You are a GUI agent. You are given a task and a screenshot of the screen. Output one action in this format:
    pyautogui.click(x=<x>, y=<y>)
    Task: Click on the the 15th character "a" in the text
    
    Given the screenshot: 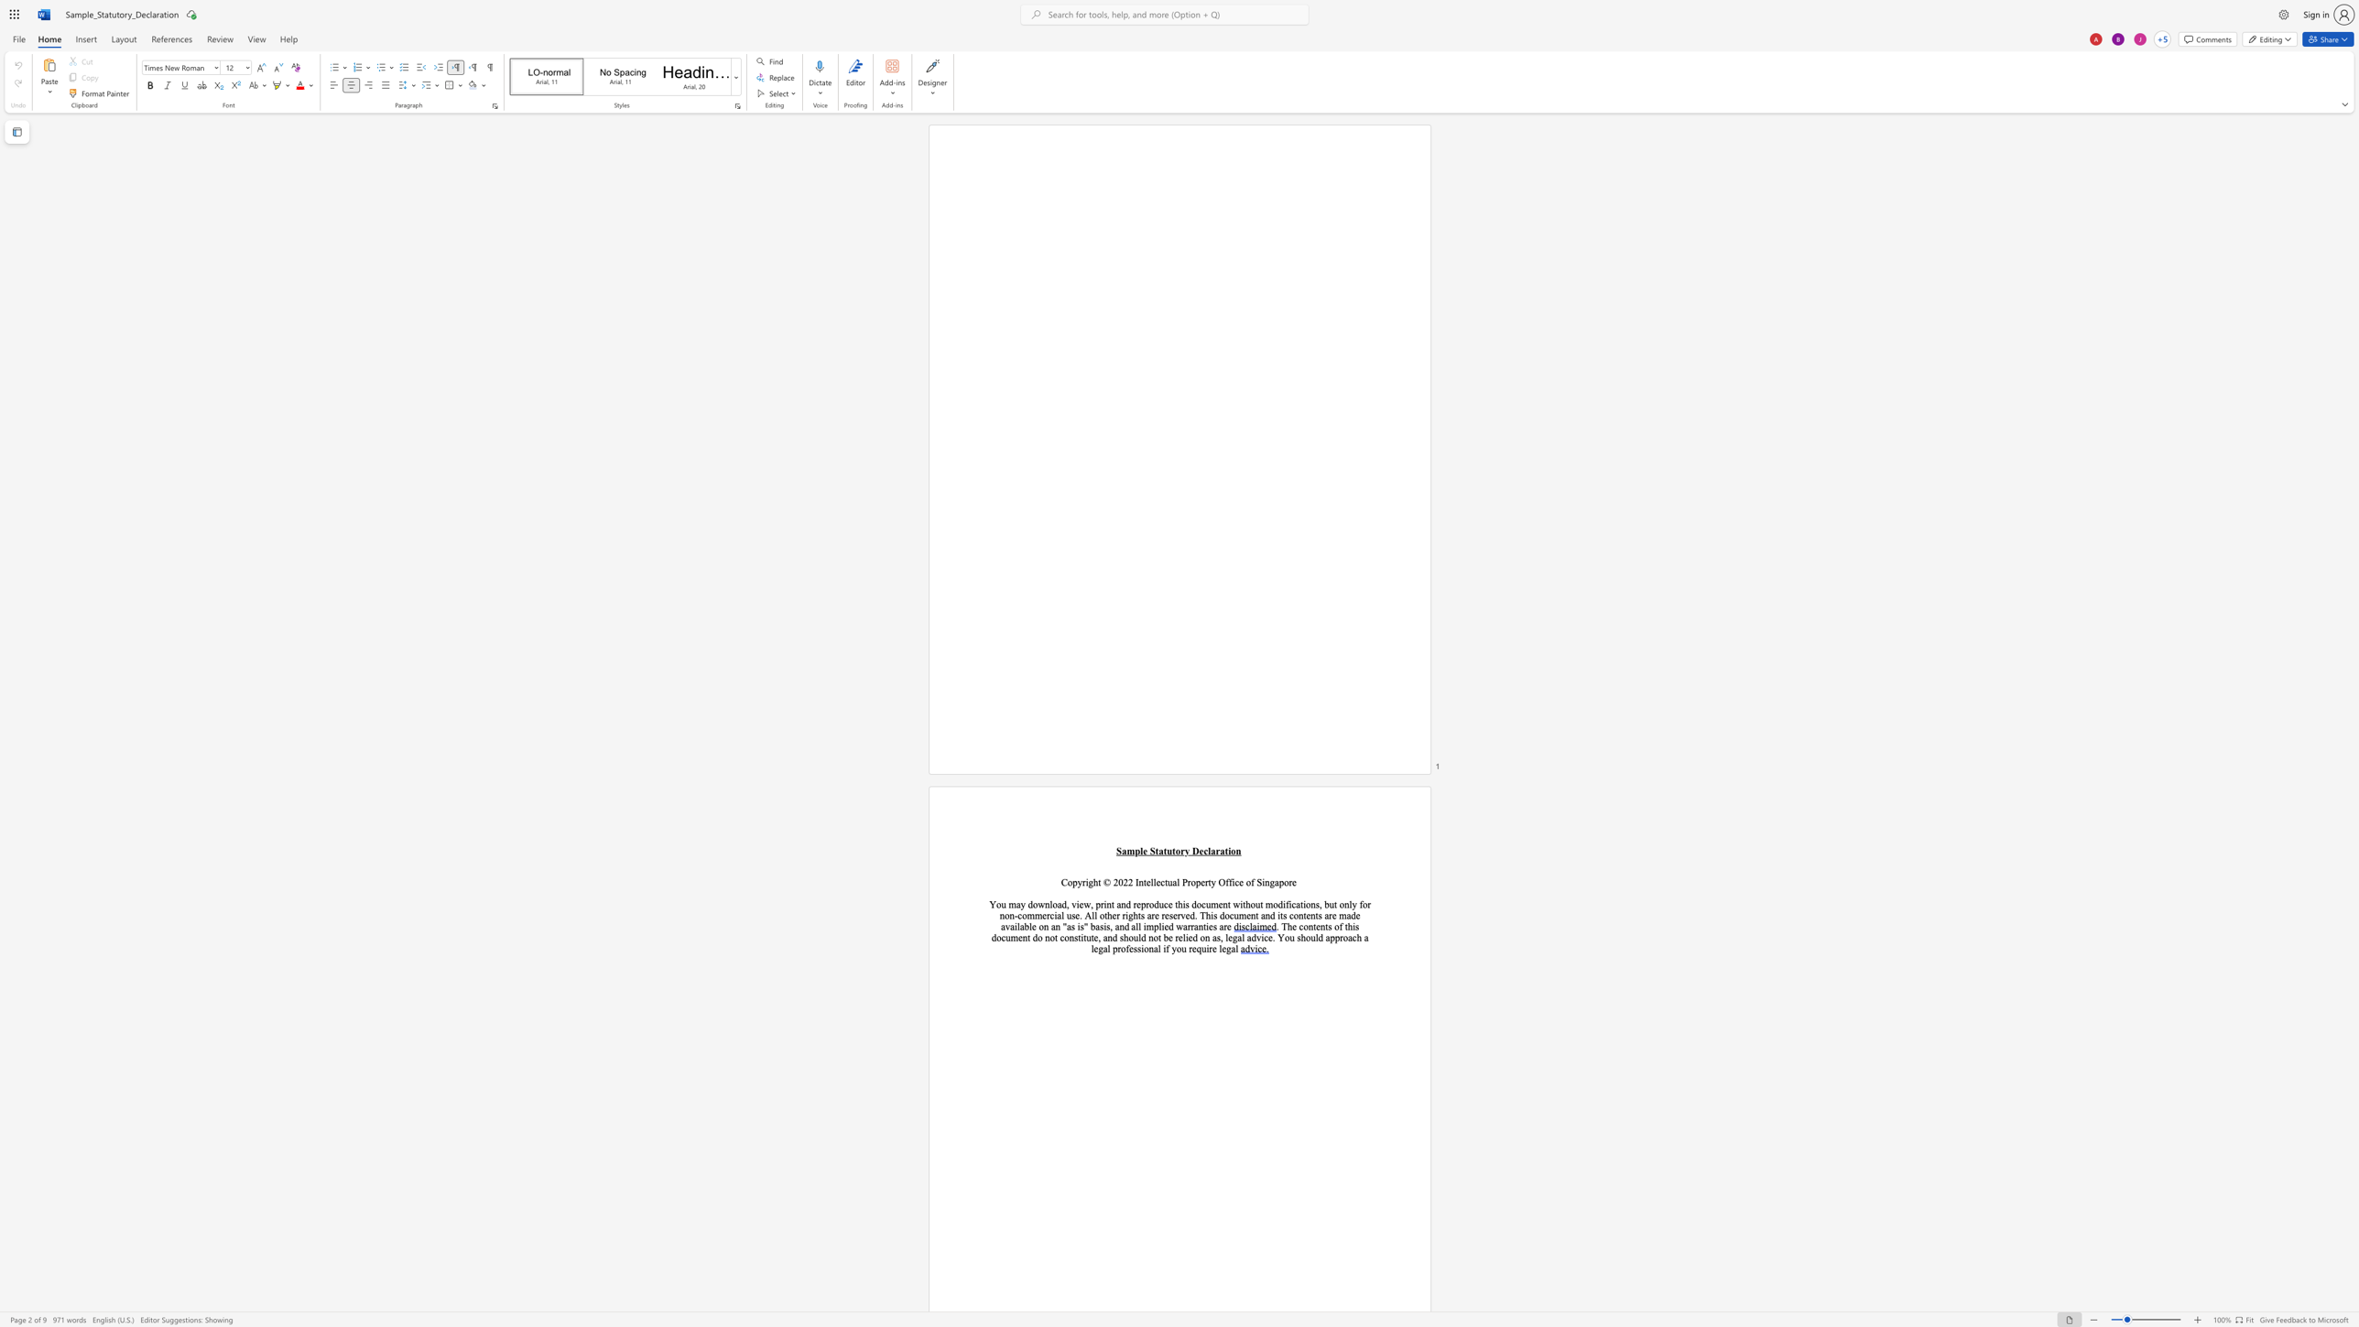 What is the action you would take?
    pyautogui.click(x=1096, y=925)
    